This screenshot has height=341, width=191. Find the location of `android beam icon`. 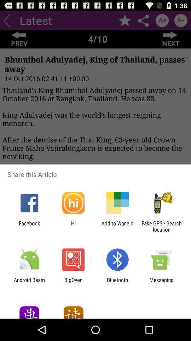

android beam icon is located at coordinates (29, 283).